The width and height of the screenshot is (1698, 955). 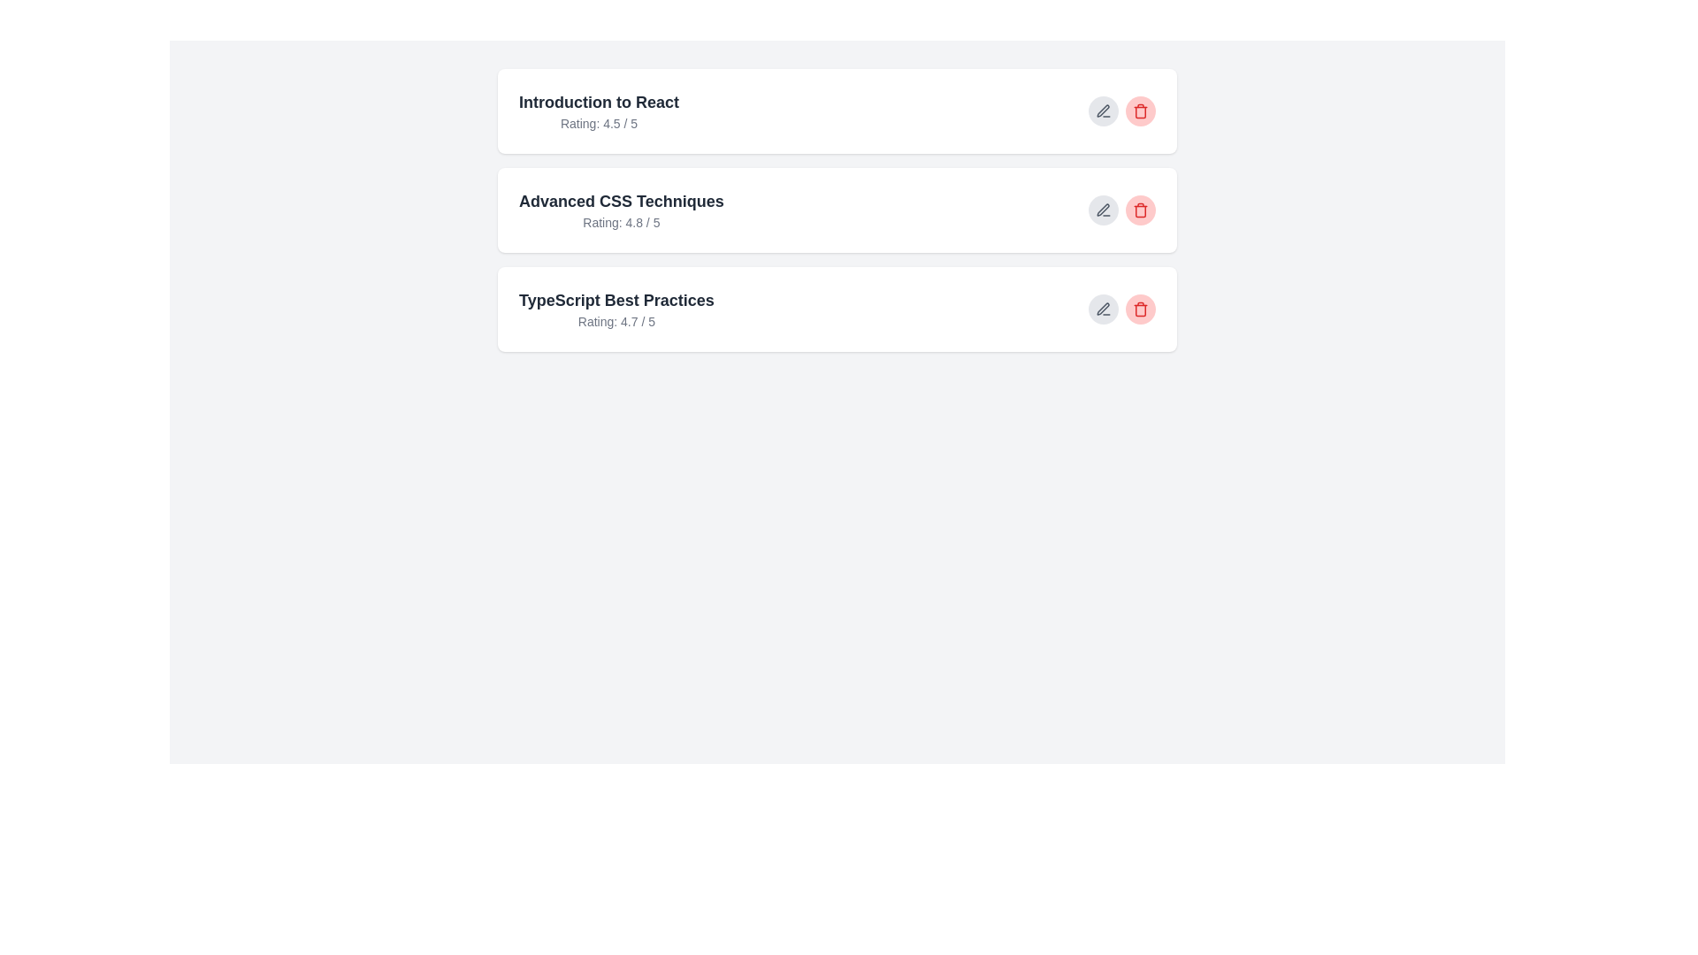 I want to click on the non-interactive text label displaying the rating score for the item titled 'TypeScript Best Practices', so click(x=616, y=321).